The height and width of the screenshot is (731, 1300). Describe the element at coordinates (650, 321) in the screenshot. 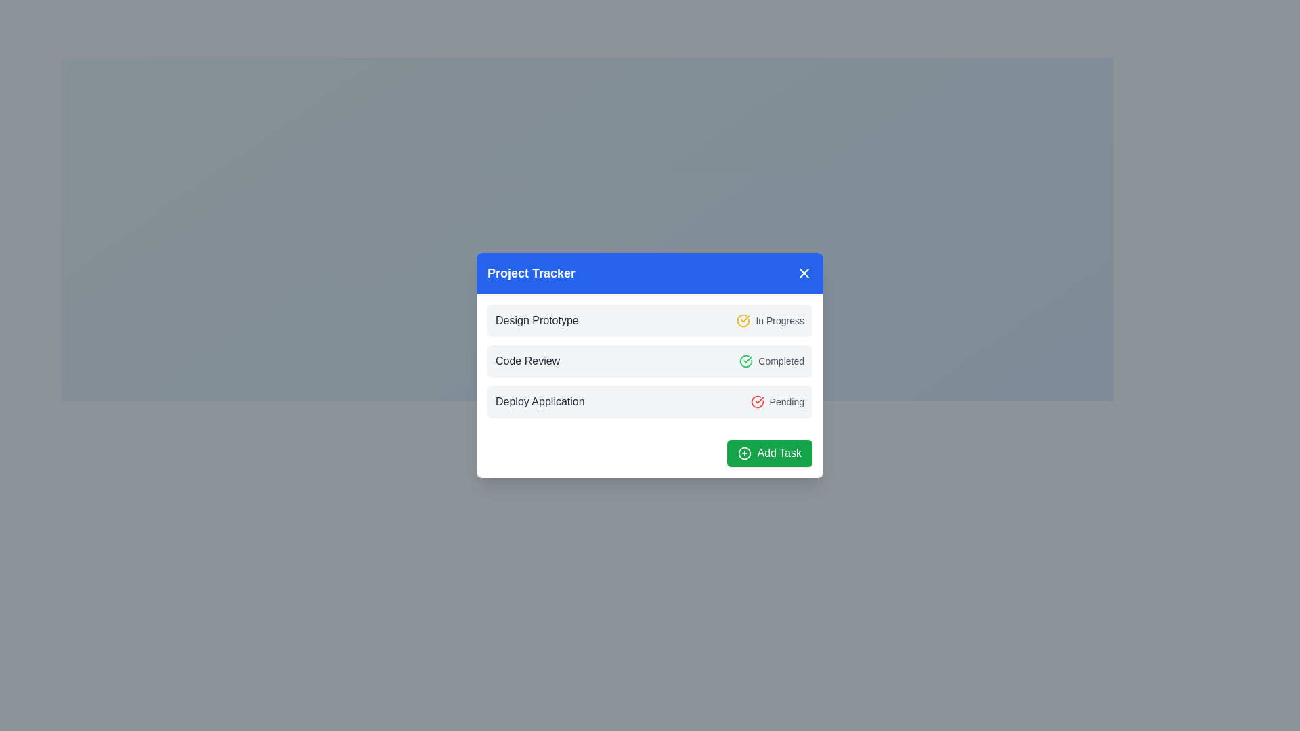

I see `the first task card in the project tracker interface to interact with it` at that location.